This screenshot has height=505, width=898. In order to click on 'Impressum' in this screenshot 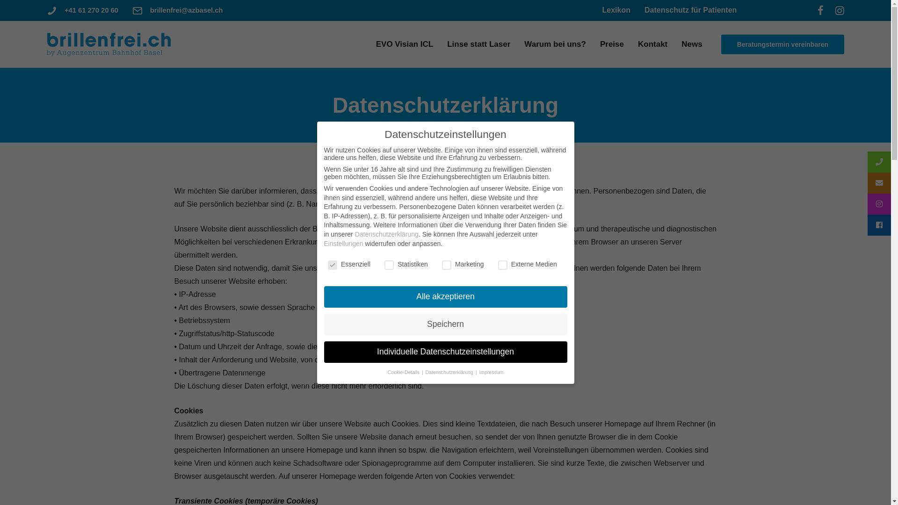, I will do `click(491, 371)`.